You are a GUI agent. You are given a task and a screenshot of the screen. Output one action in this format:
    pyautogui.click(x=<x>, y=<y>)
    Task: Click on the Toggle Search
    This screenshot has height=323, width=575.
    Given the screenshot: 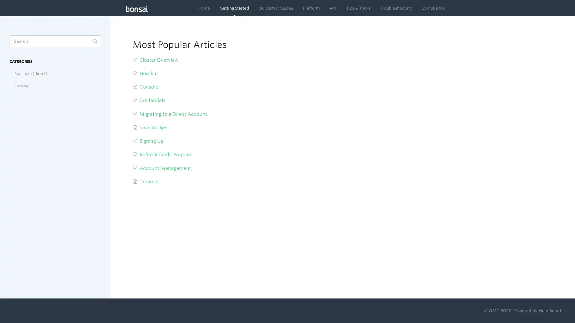 What is the action you would take?
    pyautogui.click(x=94, y=41)
    